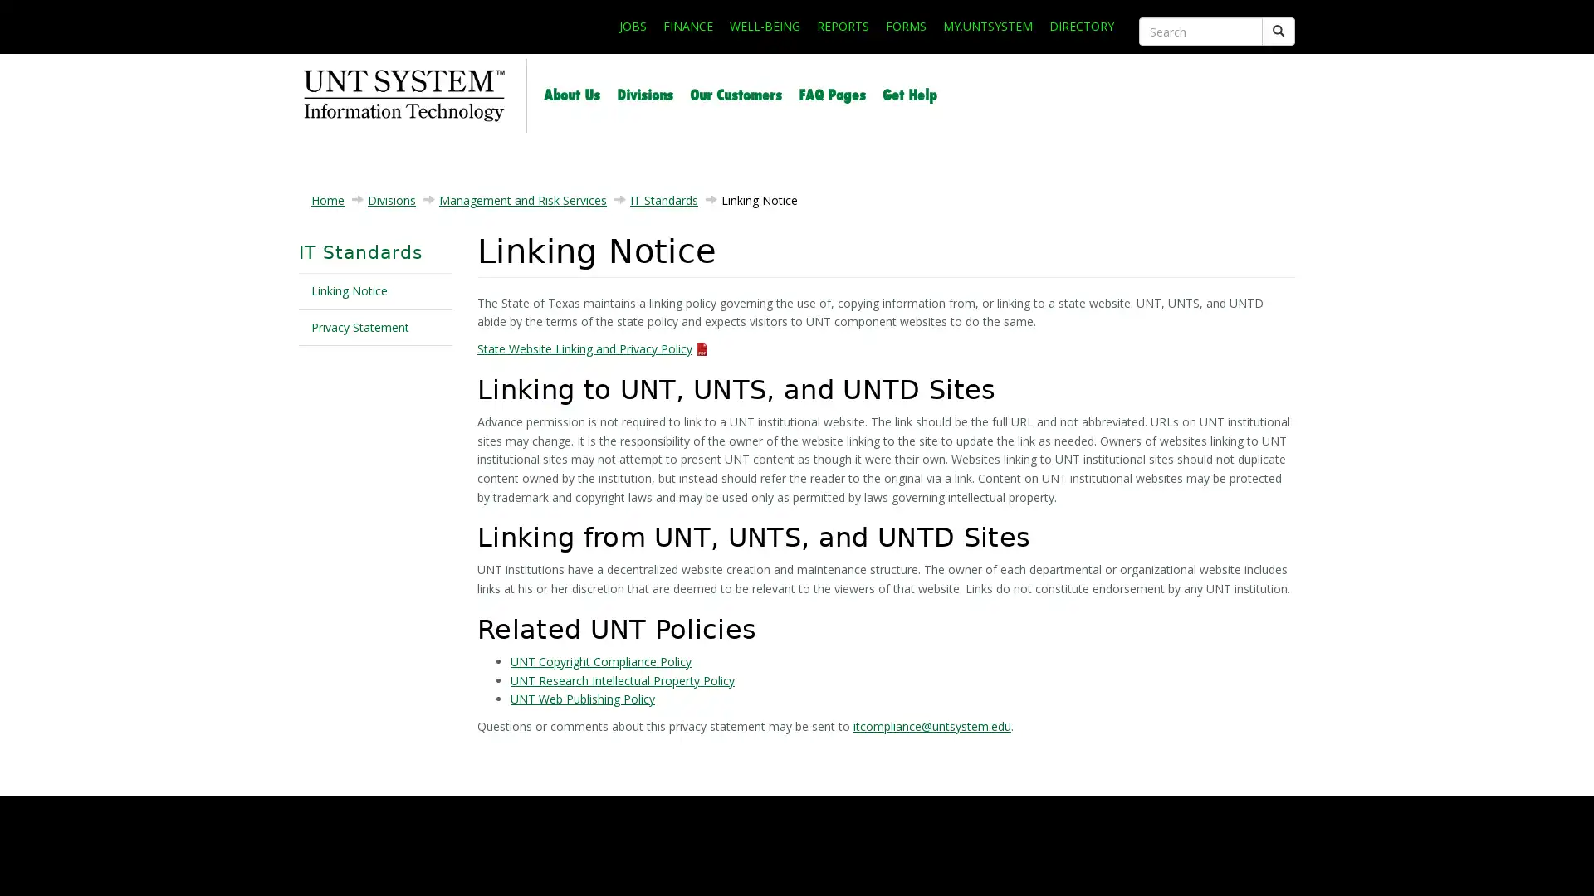  I want to click on Submit, so click(1138, 46).